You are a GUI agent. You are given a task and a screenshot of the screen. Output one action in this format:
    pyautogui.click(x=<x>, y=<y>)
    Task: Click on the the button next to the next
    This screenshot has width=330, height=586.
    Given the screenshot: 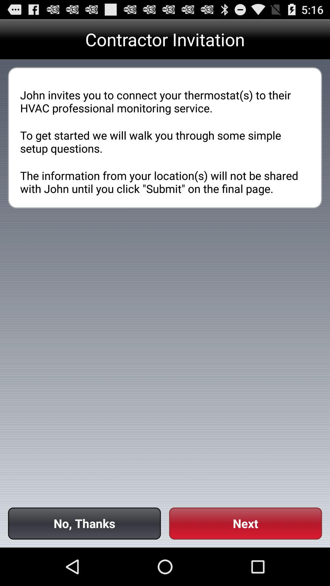 What is the action you would take?
    pyautogui.click(x=84, y=523)
    